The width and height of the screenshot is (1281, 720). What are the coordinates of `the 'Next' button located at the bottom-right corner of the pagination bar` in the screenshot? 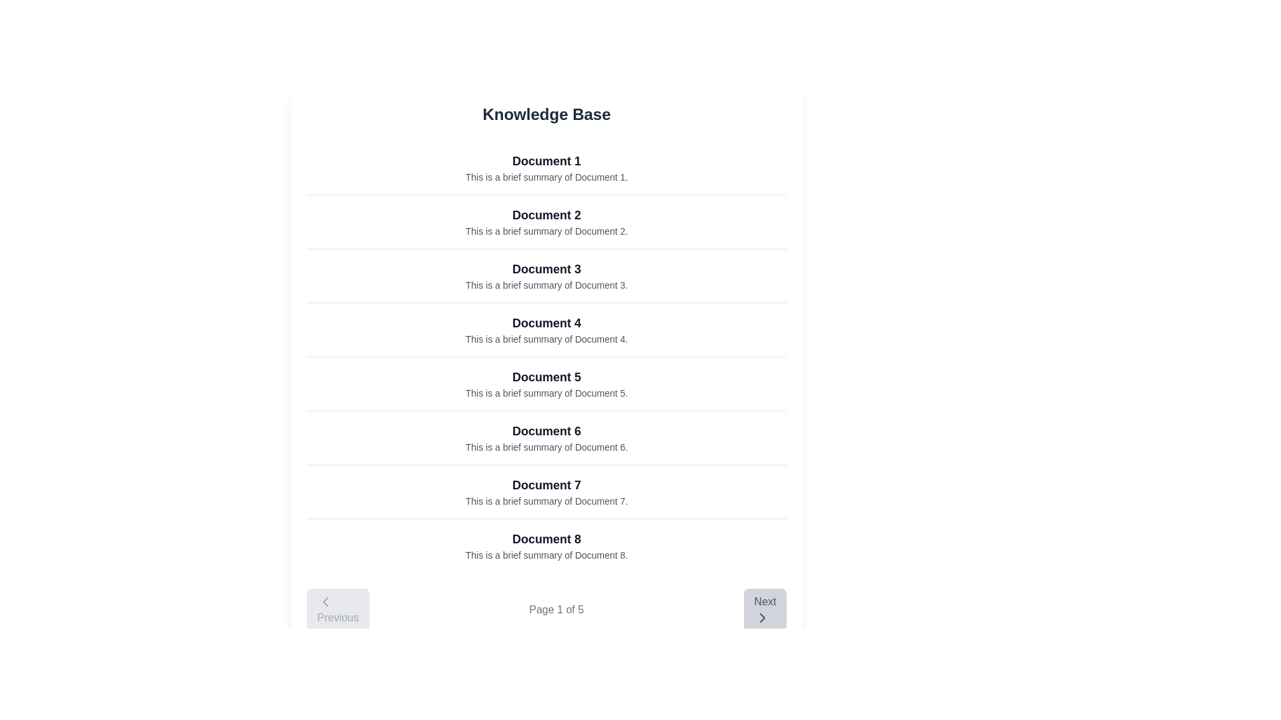 It's located at (765, 609).